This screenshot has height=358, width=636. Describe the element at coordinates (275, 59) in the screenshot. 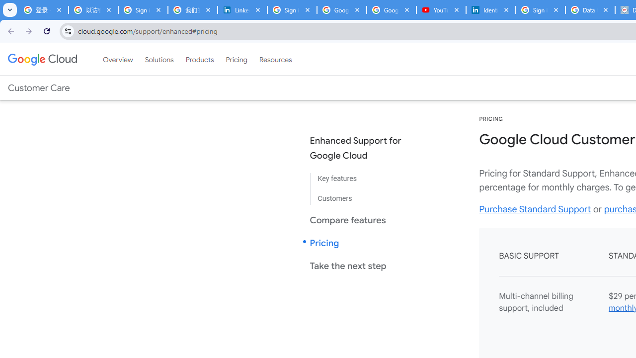

I see `'Resources'` at that location.